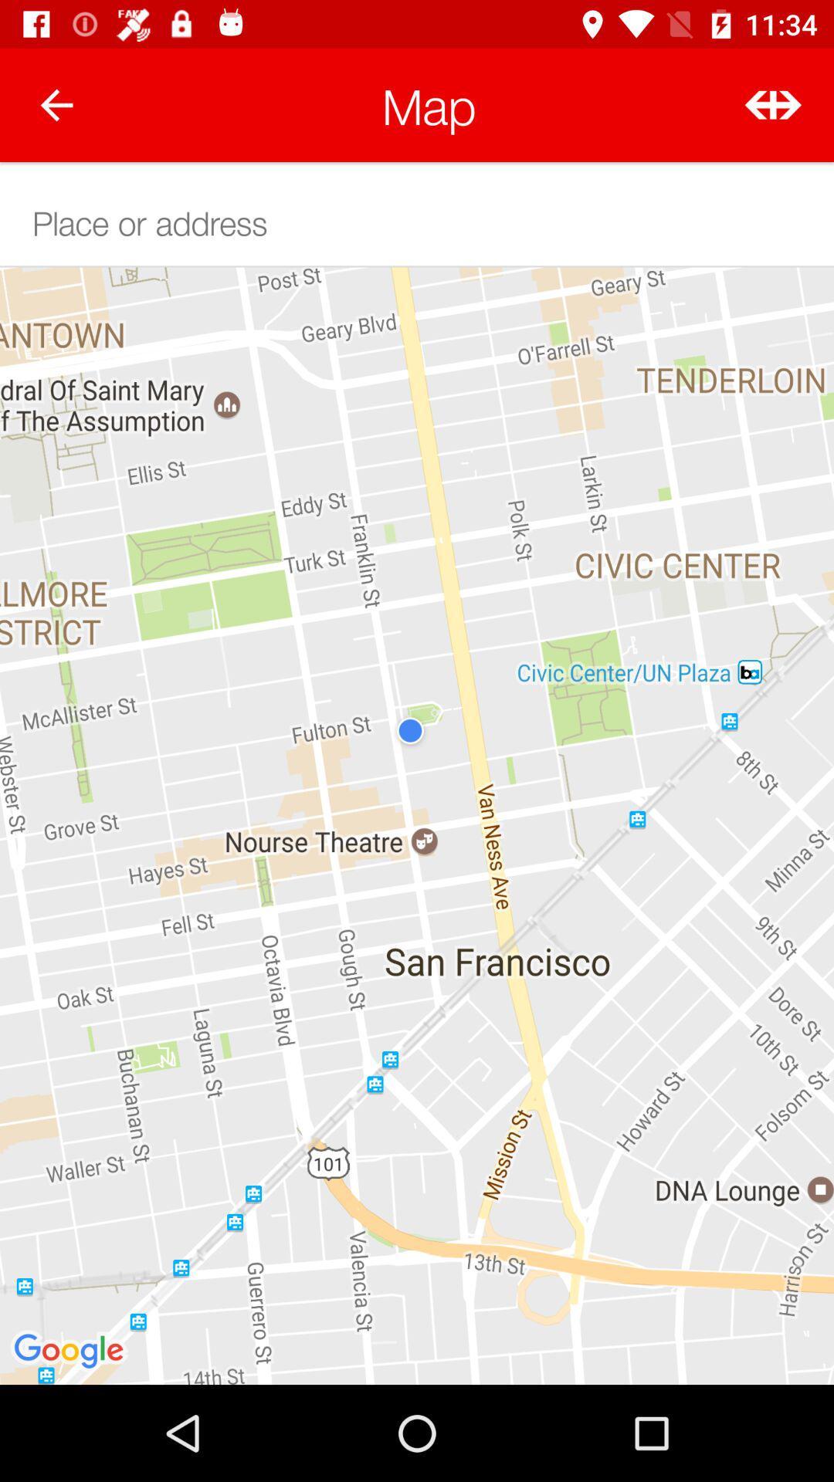 The width and height of the screenshot is (834, 1482). What do you see at coordinates (417, 220) in the screenshot?
I see `type the address` at bounding box center [417, 220].